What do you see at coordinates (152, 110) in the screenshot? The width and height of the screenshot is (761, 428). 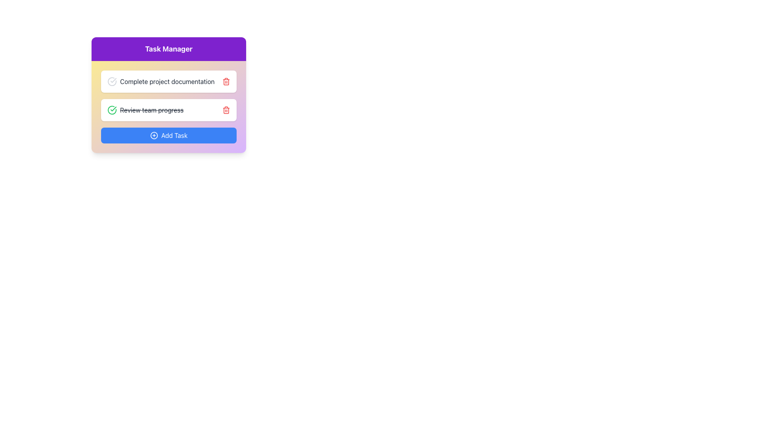 I see `the text label displaying 'Review team progress' with a strikethrough in gray color, located in the second task row of the task list under the 'Task Manager' title section` at bounding box center [152, 110].